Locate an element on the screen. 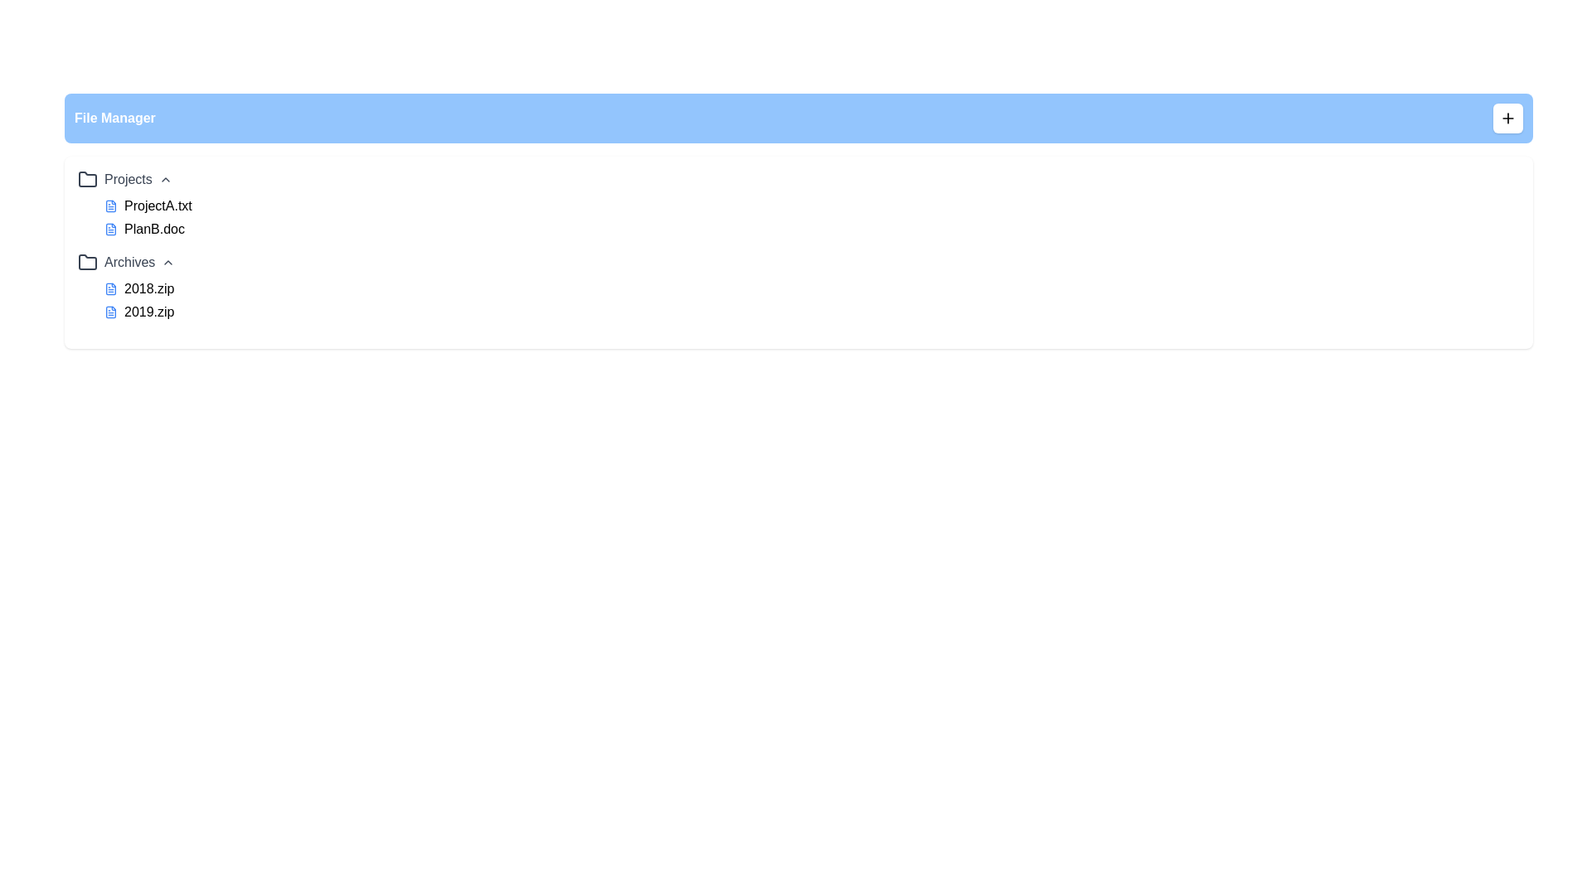 The image size is (1592, 895). the icon representing the '2018.zip' document file located is located at coordinates (110, 288).